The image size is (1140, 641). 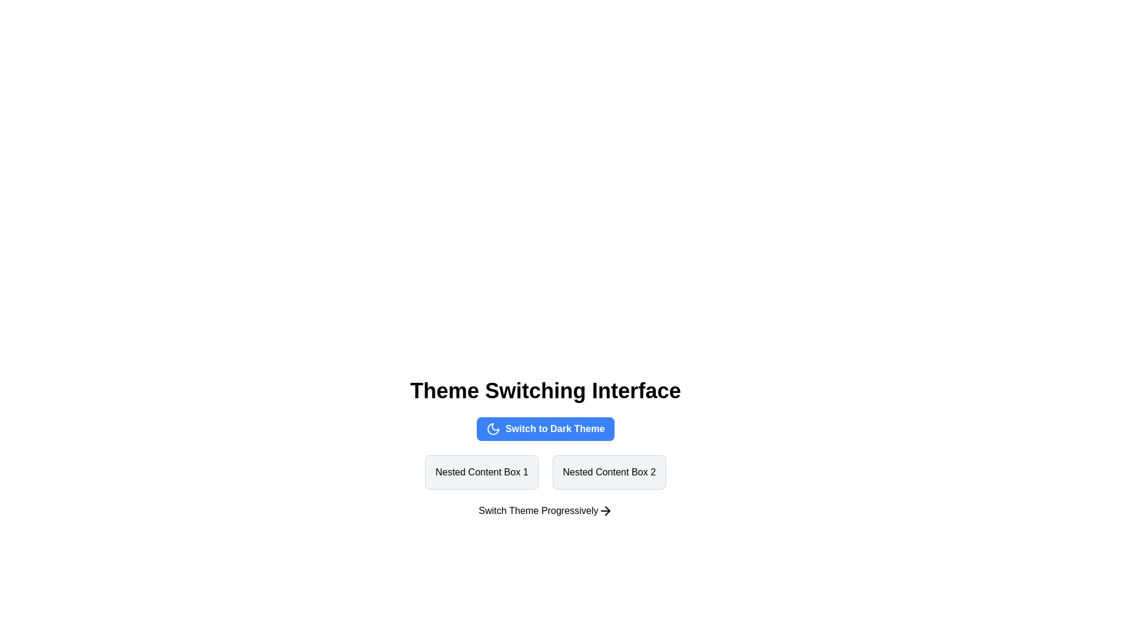 I want to click on the blue rectangular button labeled 'Switch to Dark Theme' for accessibility interactions, so click(x=544, y=429).